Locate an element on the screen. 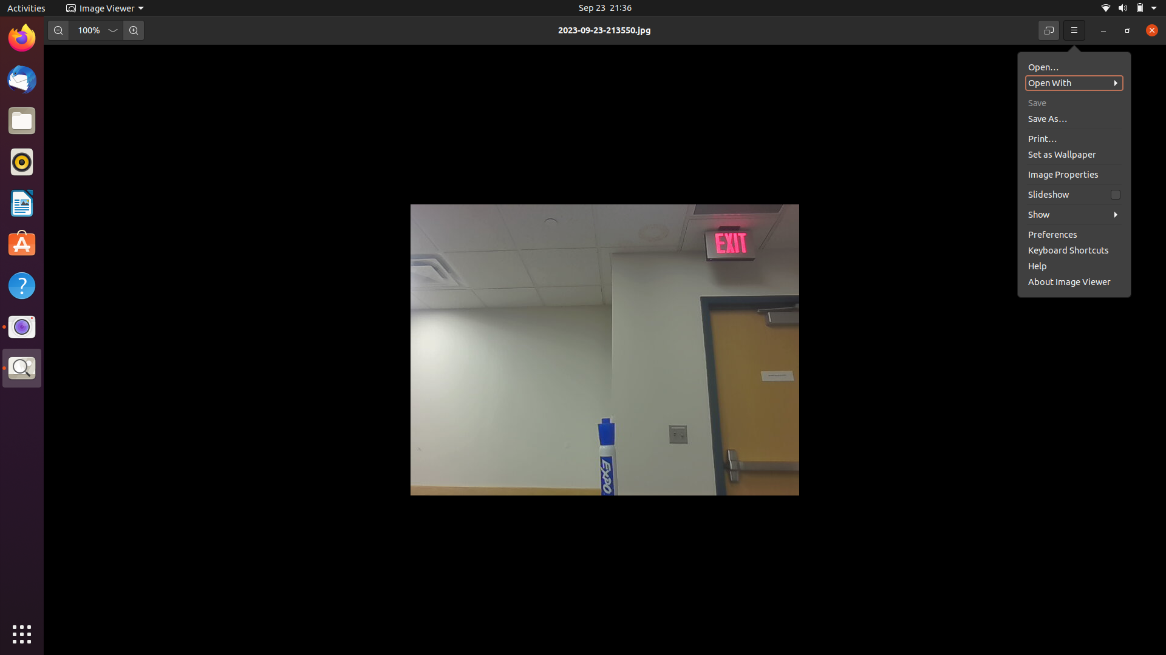  a new image that is the second one in the file browser is located at coordinates (1074, 82).